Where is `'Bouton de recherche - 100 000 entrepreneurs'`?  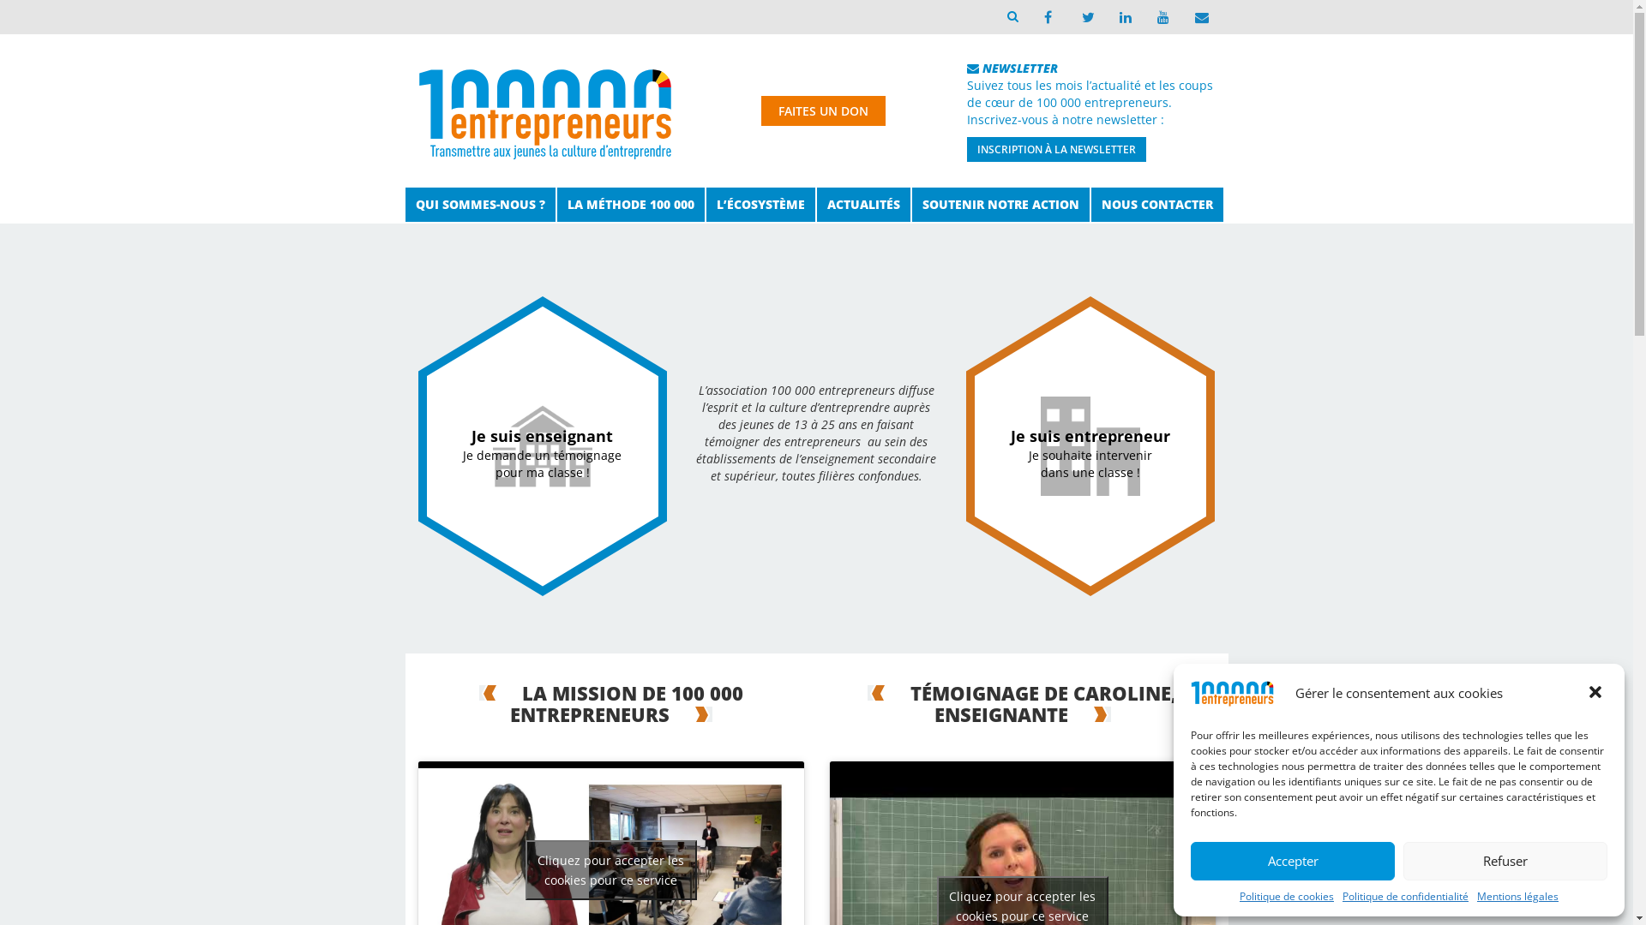 'Bouton de recherche - 100 000 entrepreneurs' is located at coordinates (1012, 15).